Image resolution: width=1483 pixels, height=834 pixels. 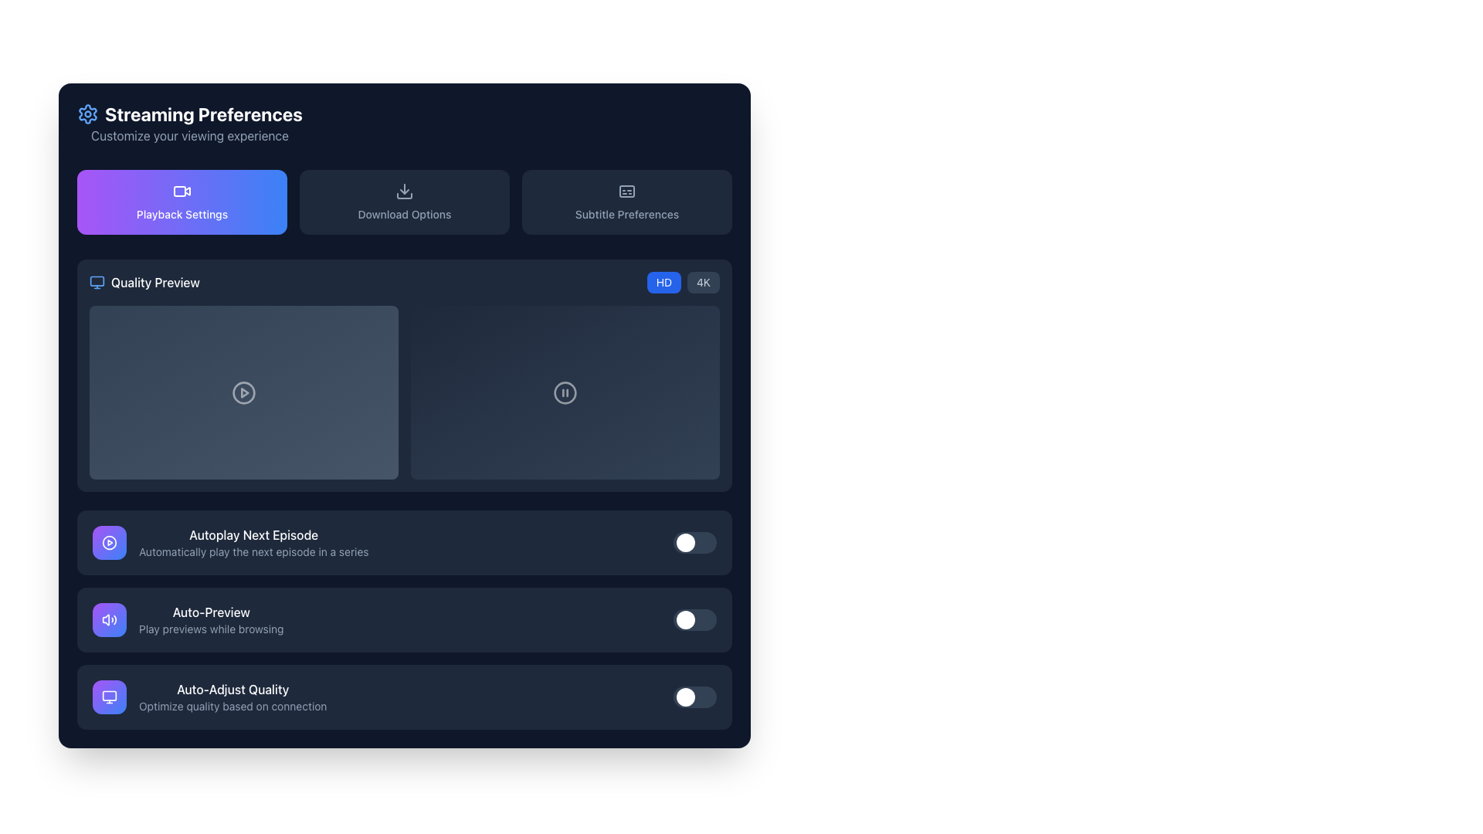 What do you see at coordinates (404, 619) in the screenshot?
I see `description of the second list item under the 'Quality Preview' section to understand the auto-preview toggle functionality` at bounding box center [404, 619].